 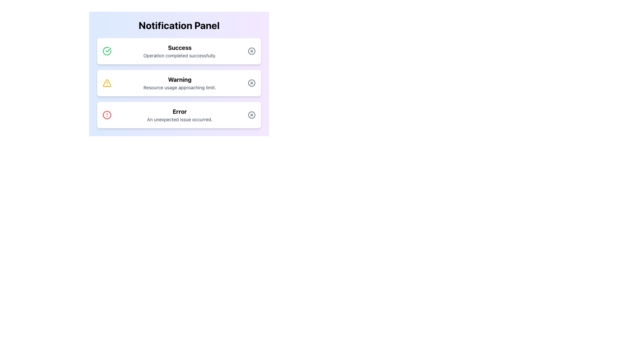 What do you see at coordinates (107, 82) in the screenshot?
I see `the visual appearance of the yellow triangle warning icon located in the second notification block labeled 'Warning' in the Notification Panel` at bounding box center [107, 82].